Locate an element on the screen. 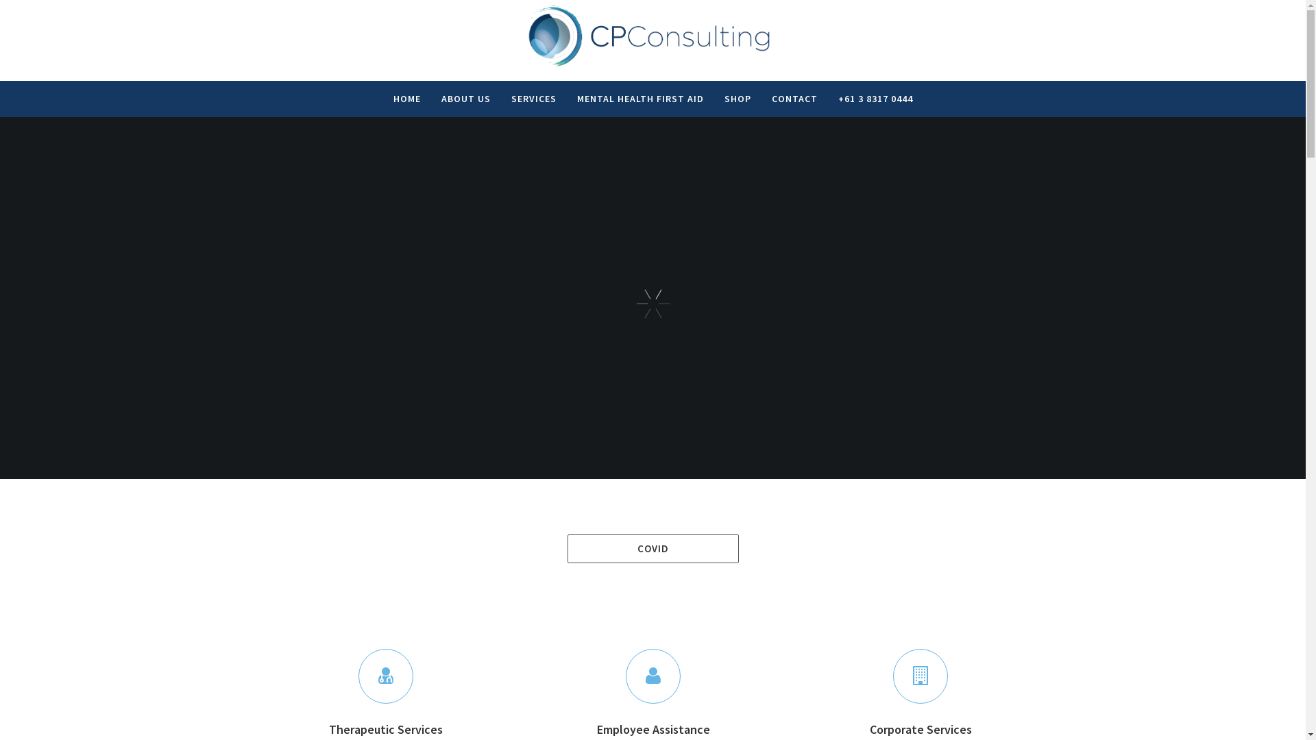  'HOME' is located at coordinates (406, 99).